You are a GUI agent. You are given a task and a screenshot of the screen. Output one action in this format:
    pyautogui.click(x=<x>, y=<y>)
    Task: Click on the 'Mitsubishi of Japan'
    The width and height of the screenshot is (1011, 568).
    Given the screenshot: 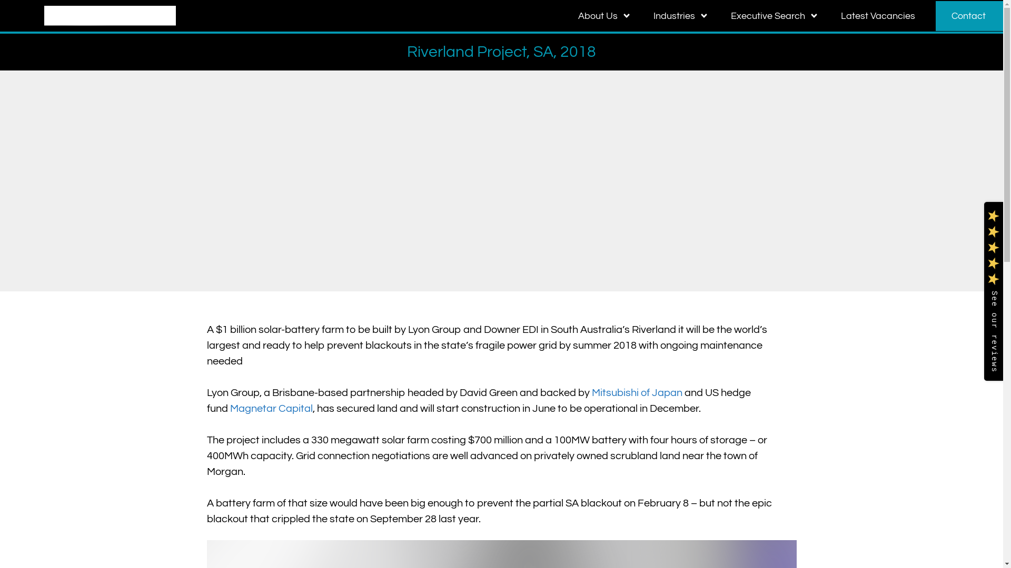 What is the action you would take?
    pyautogui.click(x=636, y=393)
    